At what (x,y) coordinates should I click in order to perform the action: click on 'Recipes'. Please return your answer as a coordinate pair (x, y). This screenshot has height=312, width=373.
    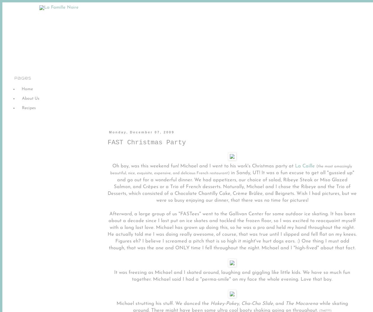
    Looking at the image, I should click on (29, 108).